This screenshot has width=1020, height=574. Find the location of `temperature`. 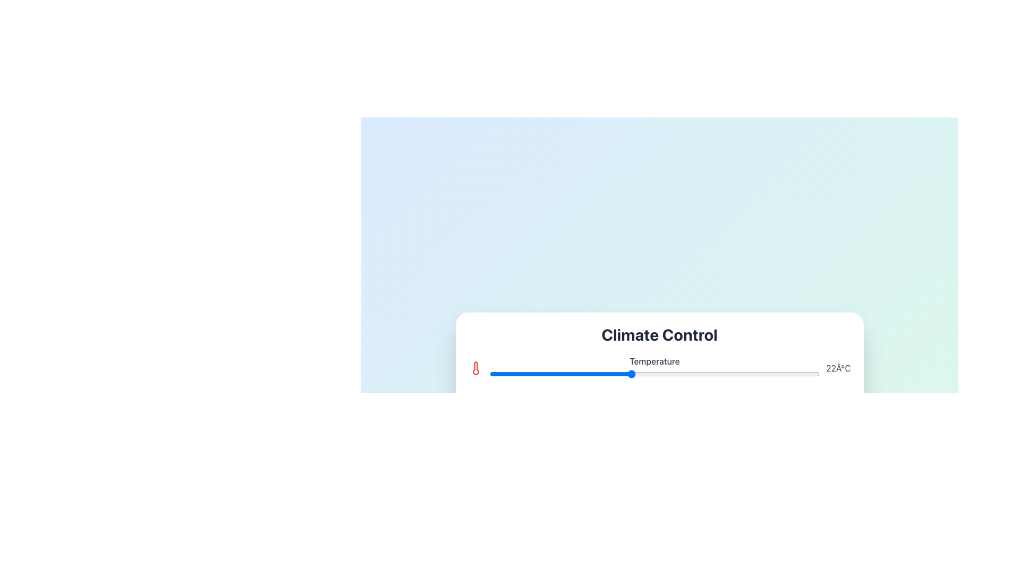

temperature is located at coordinates (489, 374).